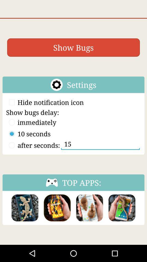  Describe the element at coordinates (57, 222) in the screenshot. I see `the avatar icon` at that location.